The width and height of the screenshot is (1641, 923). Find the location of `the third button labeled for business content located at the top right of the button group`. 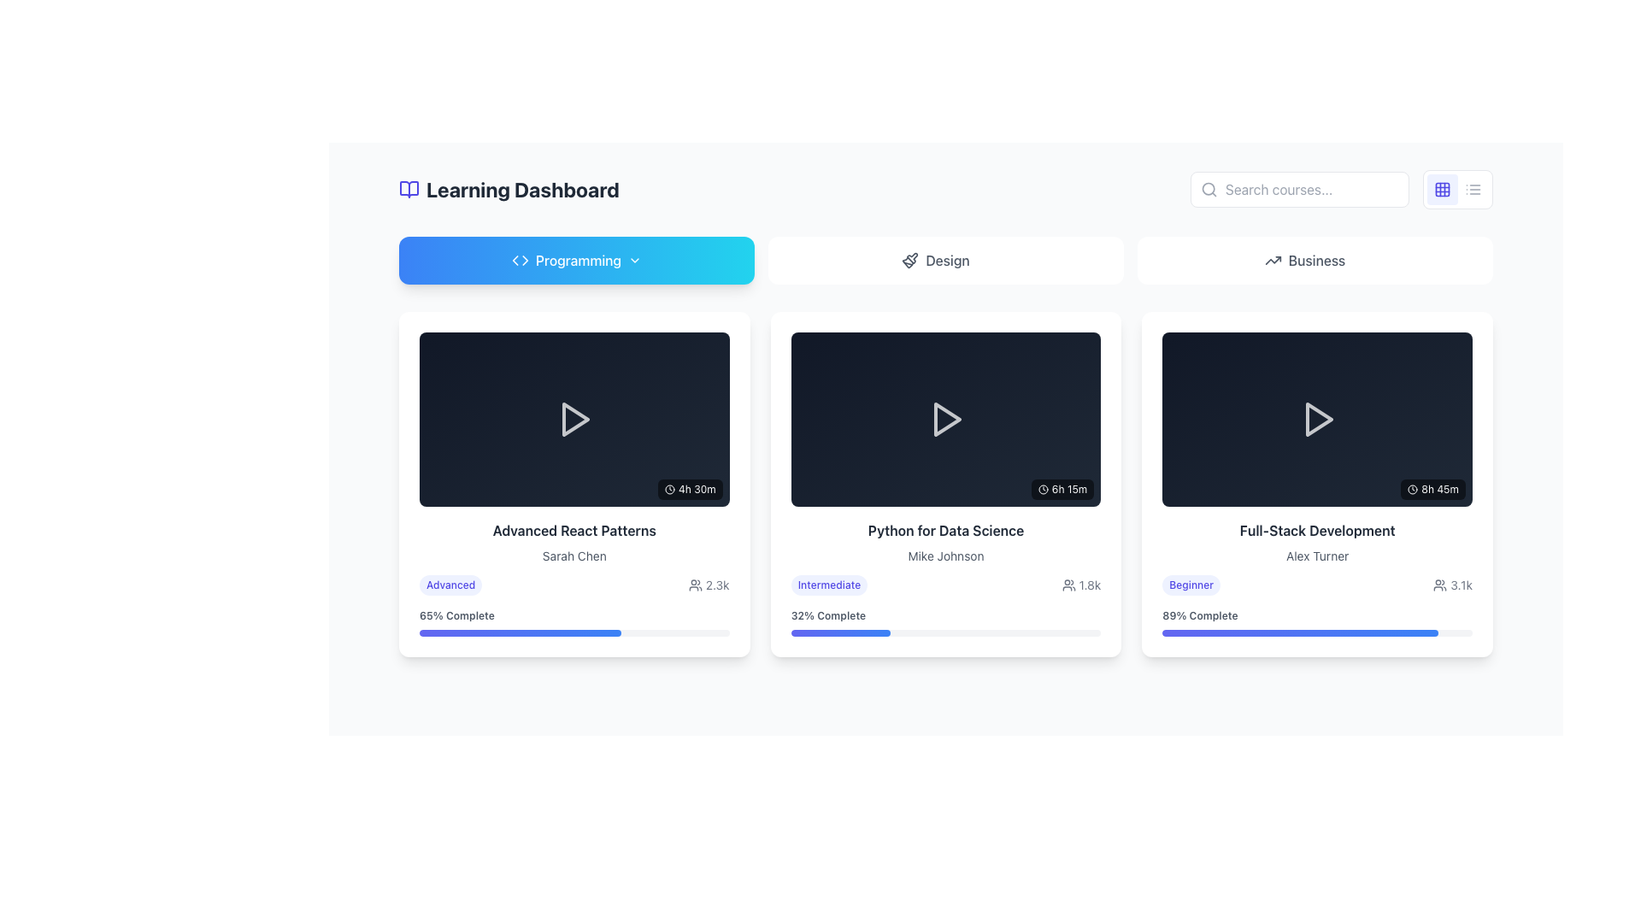

the third button labeled for business content located at the top right of the button group is located at coordinates (1315, 260).